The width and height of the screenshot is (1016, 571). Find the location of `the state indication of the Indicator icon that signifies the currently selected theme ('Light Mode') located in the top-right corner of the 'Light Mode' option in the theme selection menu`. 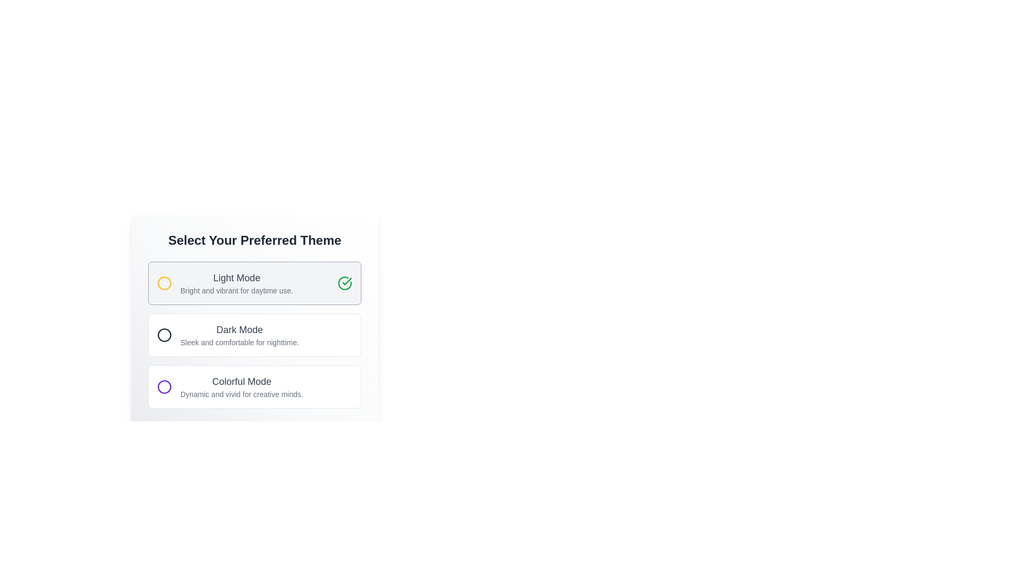

the state indication of the Indicator icon that signifies the currently selected theme ('Light Mode') located in the top-right corner of the 'Light Mode' option in the theme selection menu is located at coordinates (345, 283).